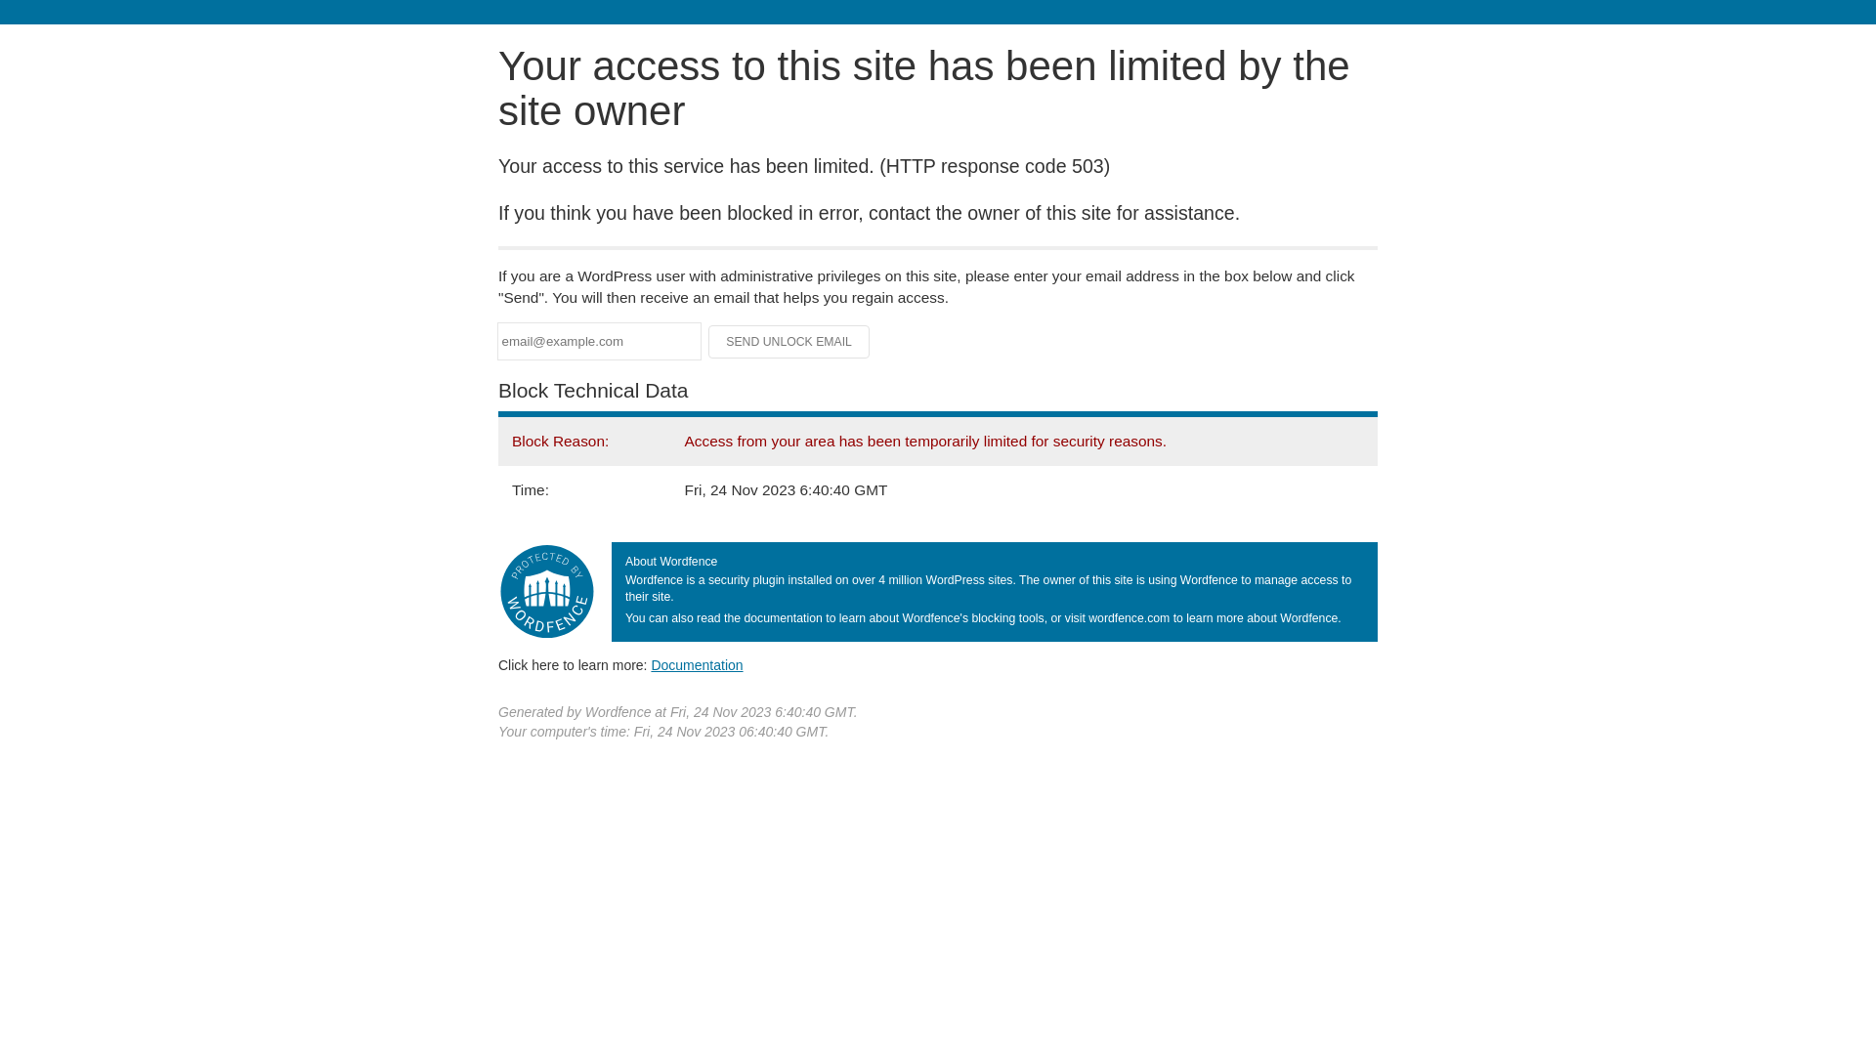  I want to click on 'Documentation', so click(651, 664).